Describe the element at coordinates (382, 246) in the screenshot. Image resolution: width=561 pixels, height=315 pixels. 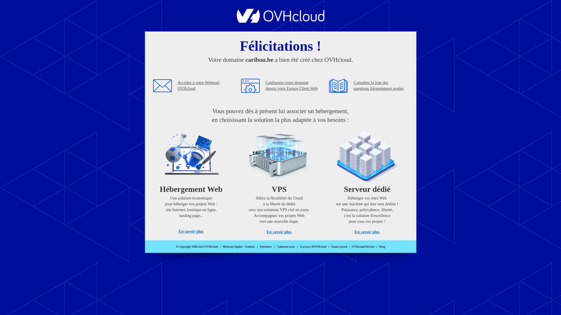
I see `'Blog'` at that location.